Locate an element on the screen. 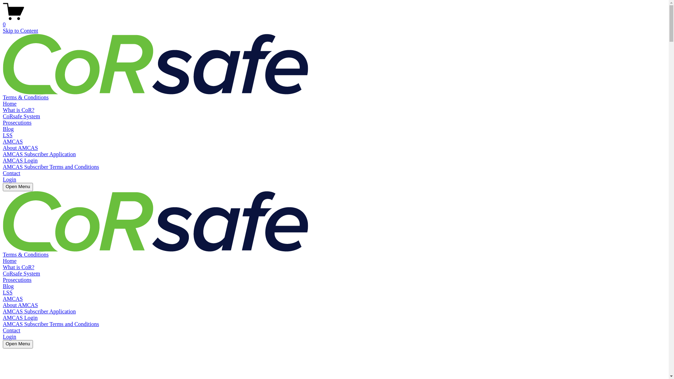  'What is CoR?' is located at coordinates (18, 267).